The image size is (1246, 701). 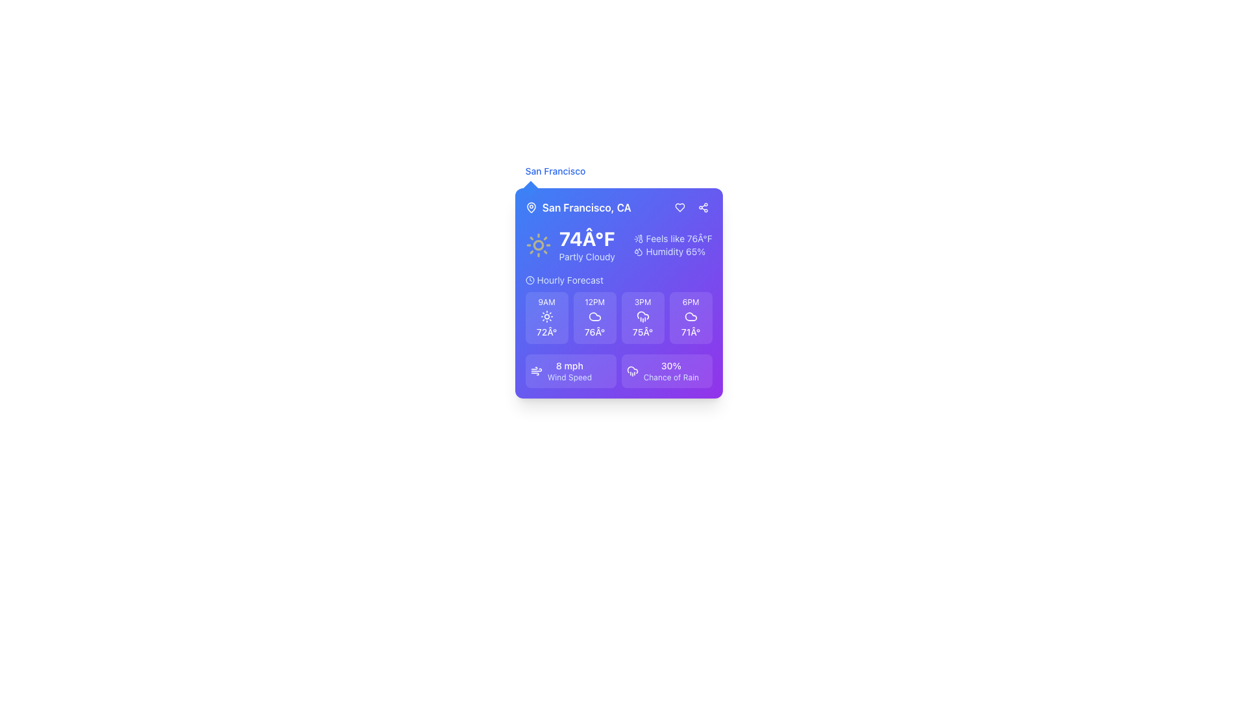 What do you see at coordinates (546, 317) in the screenshot?
I see `the first weather detail card element displaying '9AM' at the top, a sunny weather icon in the middle, and '72Â°' at the bottom` at bounding box center [546, 317].